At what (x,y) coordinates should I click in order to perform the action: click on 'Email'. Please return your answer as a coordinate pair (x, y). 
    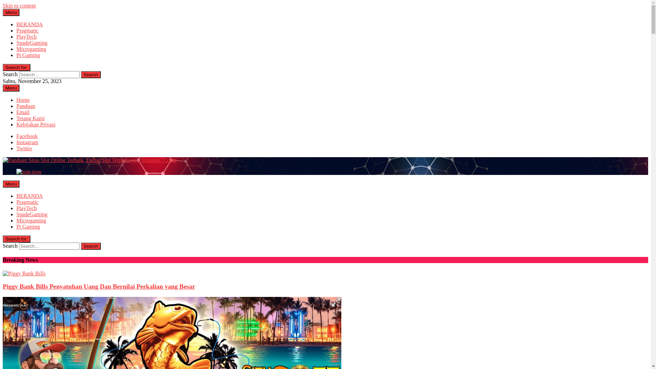
    Looking at the image, I should click on (23, 112).